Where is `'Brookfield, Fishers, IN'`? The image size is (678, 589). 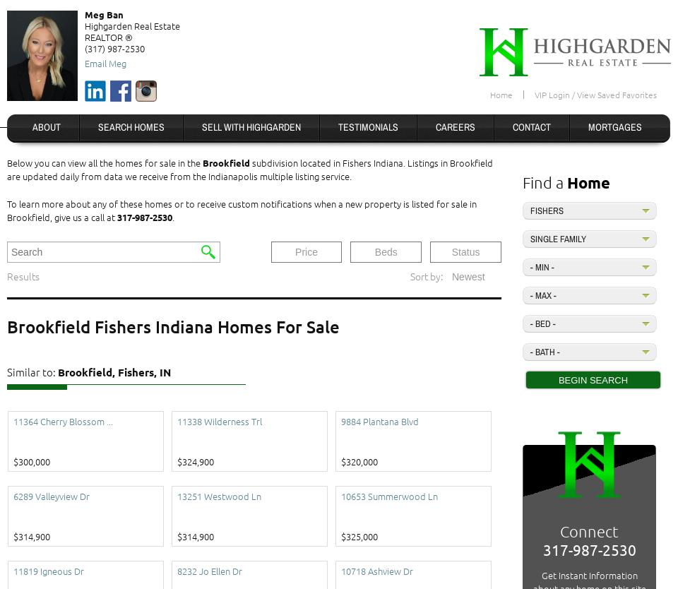 'Brookfield, Fishers, IN' is located at coordinates (114, 371).